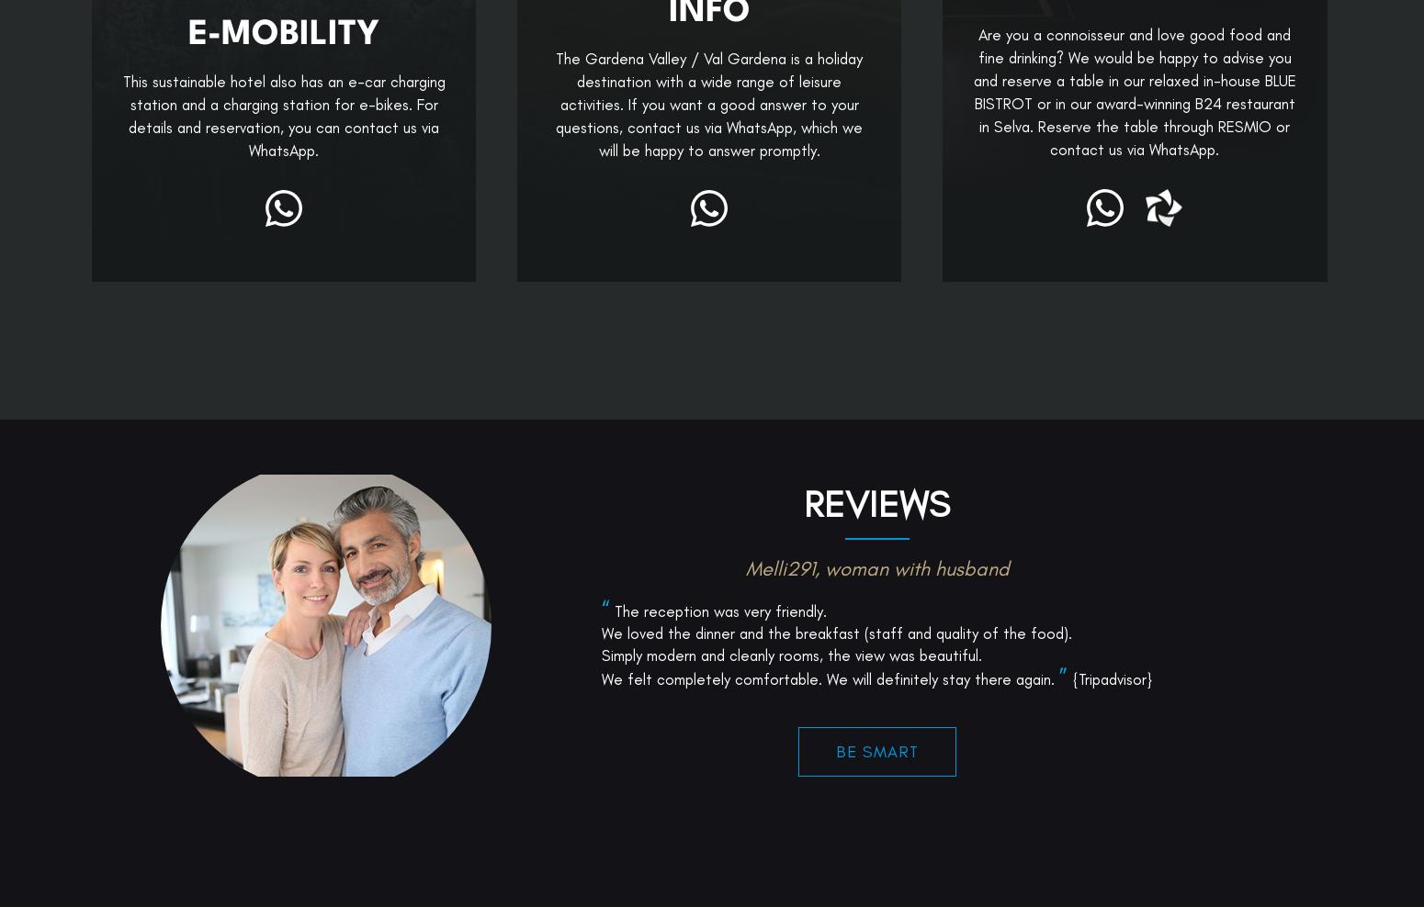 This screenshot has height=907, width=1424. Describe the element at coordinates (1134, 91) in the screenshot. I see `'Are you a connoisseur and love good food and fine drinking? We would be happy to advise you and reserve a table in our relaxed in-house BLUE BISTROT or in our award-winning B24 restaurant in Selva. Reserve the table through RESMIO or contact us via WhatsApp.'` at that location.